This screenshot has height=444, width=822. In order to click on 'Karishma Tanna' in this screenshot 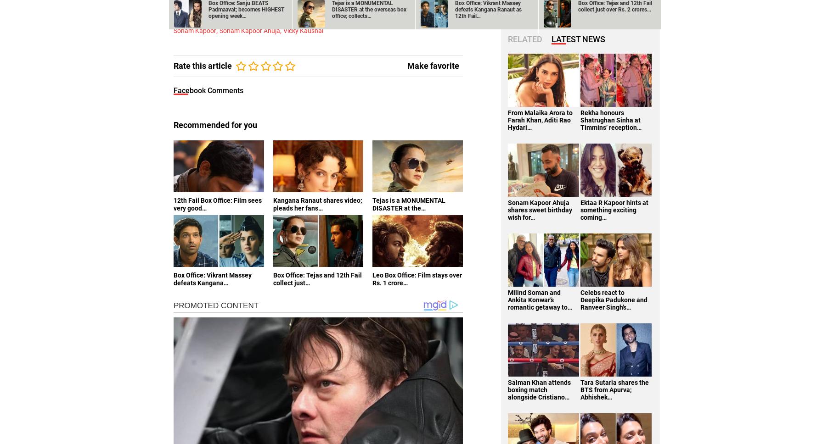, I will do `click(403, 8)`.